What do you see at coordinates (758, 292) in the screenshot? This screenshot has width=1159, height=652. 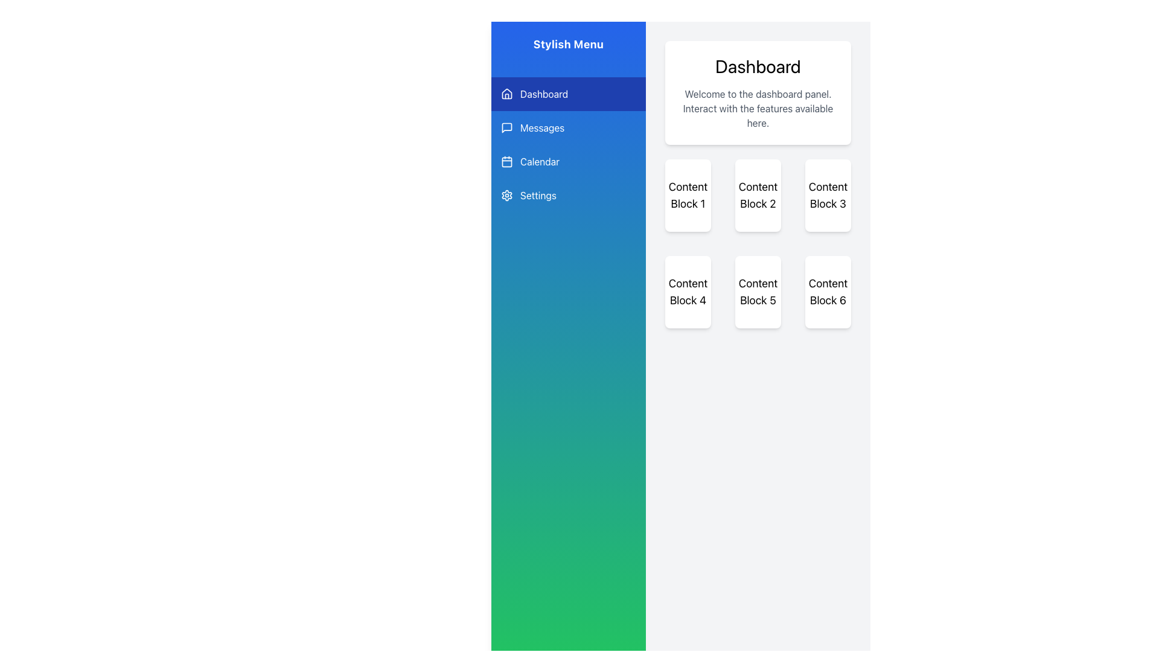 I see `the static label displaying the text 'Content Block 5', which is located in the second row and second column of a grid layout` at bounding box center [758, 292].